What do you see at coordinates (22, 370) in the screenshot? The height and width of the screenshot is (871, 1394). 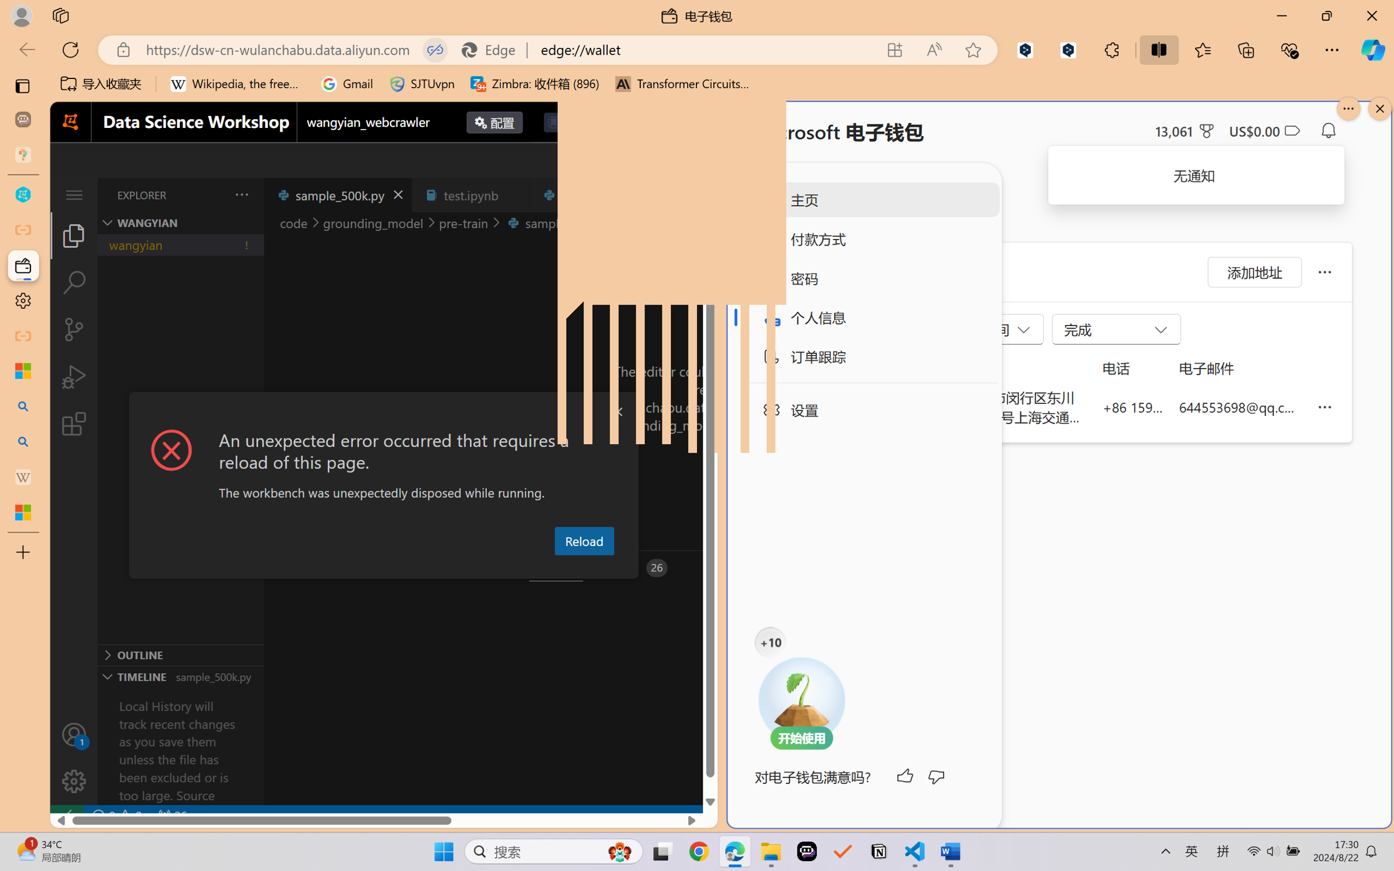 I see `'Microsoft security help and learning'` at bounding box center [22, 370].